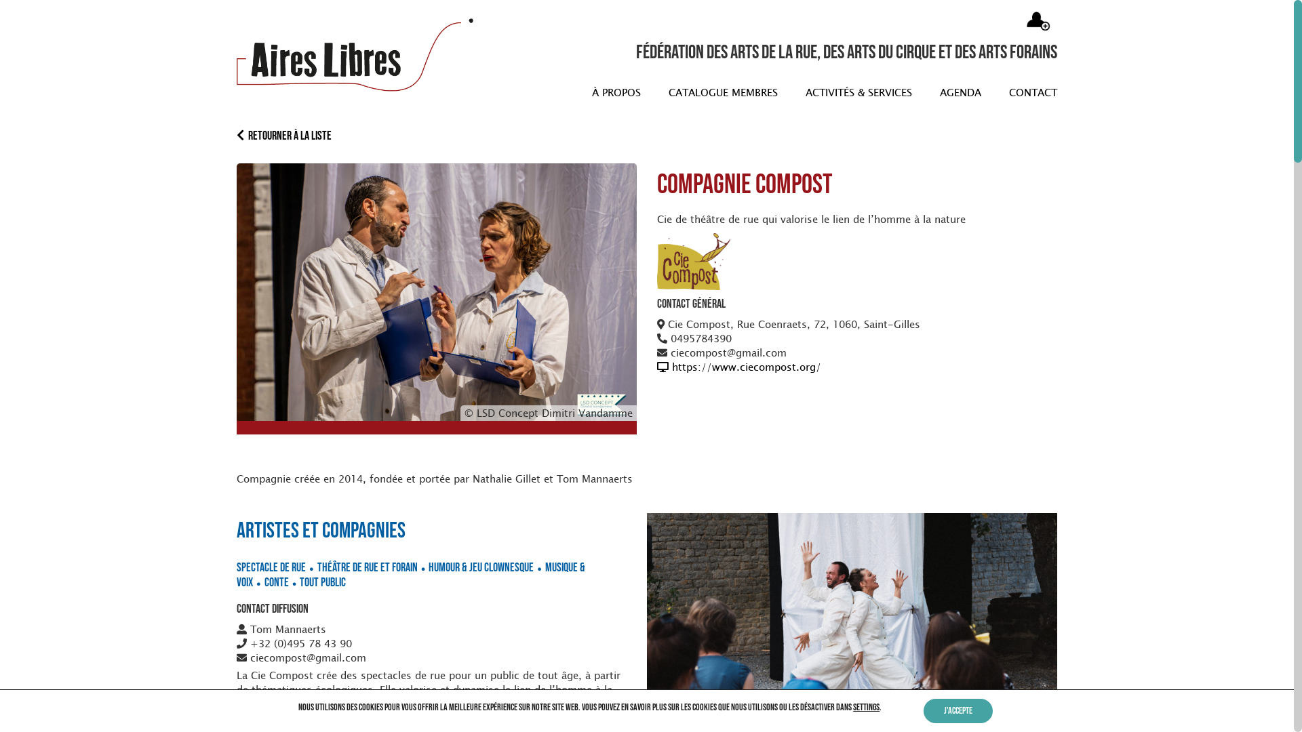 The height and width of the screenshot is (732, 1302). Describe the element at coordinates (852, 707) in the screenshot. I see `'settings'` at that location.